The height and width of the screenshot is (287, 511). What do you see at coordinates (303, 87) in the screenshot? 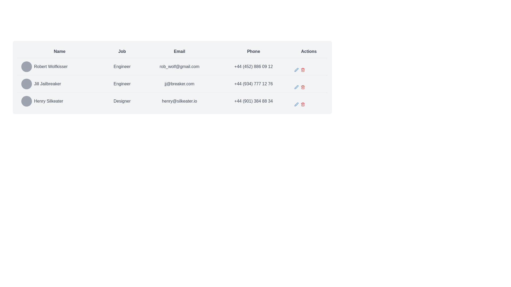
I see `the red trash bin icon button located in the second row of the 'Actions' column to initiate the delete action` at bounding box center [303, 87].